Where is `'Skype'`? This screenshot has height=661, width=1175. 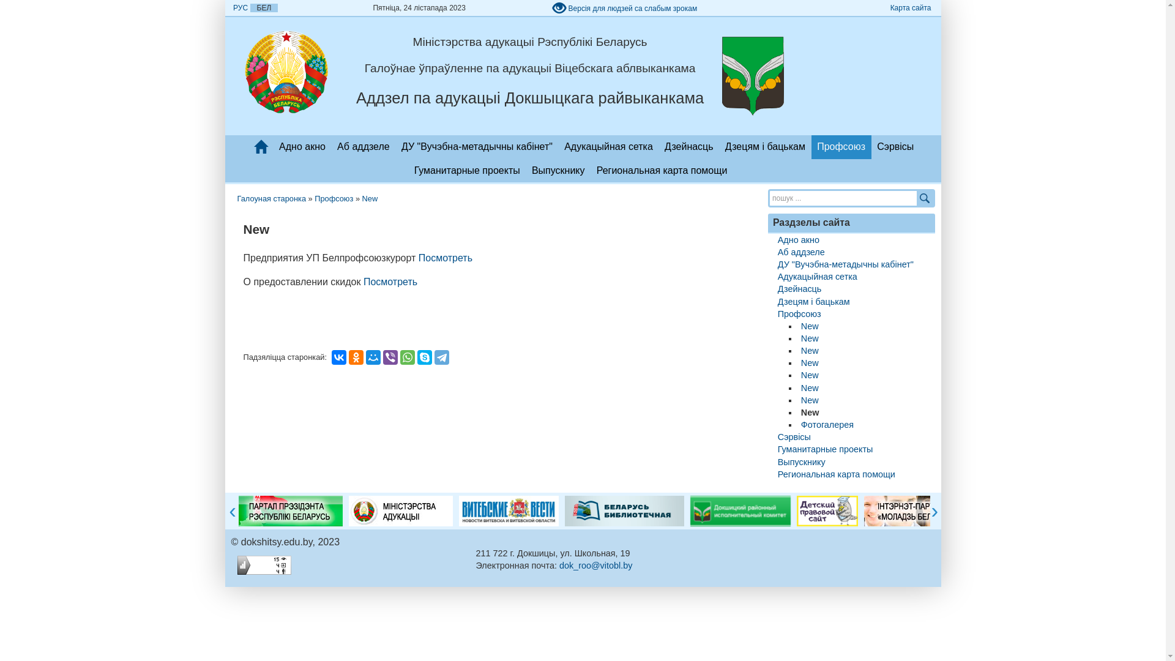
'Skype' is located at coordinates (425, 357).